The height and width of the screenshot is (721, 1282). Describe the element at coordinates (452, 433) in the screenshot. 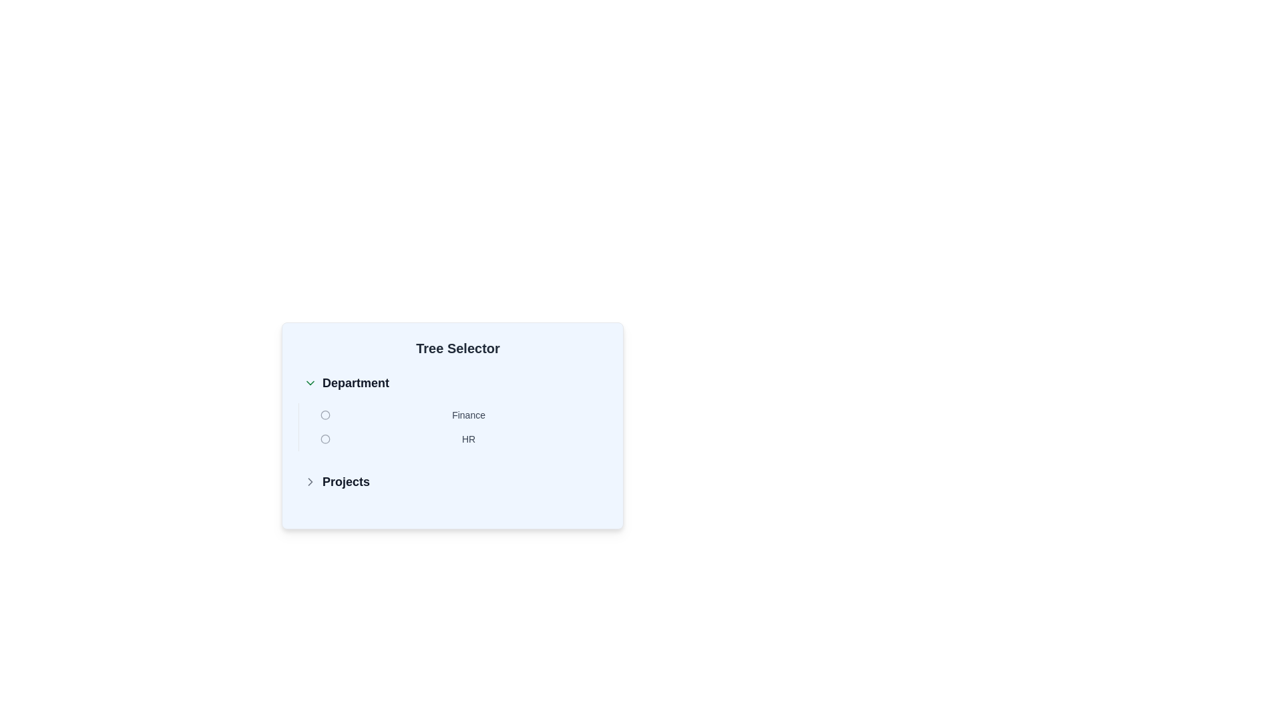

I see `the 'Finance' option within the 'Department' category of the Tree Selector with Expandable Categories` at that location.